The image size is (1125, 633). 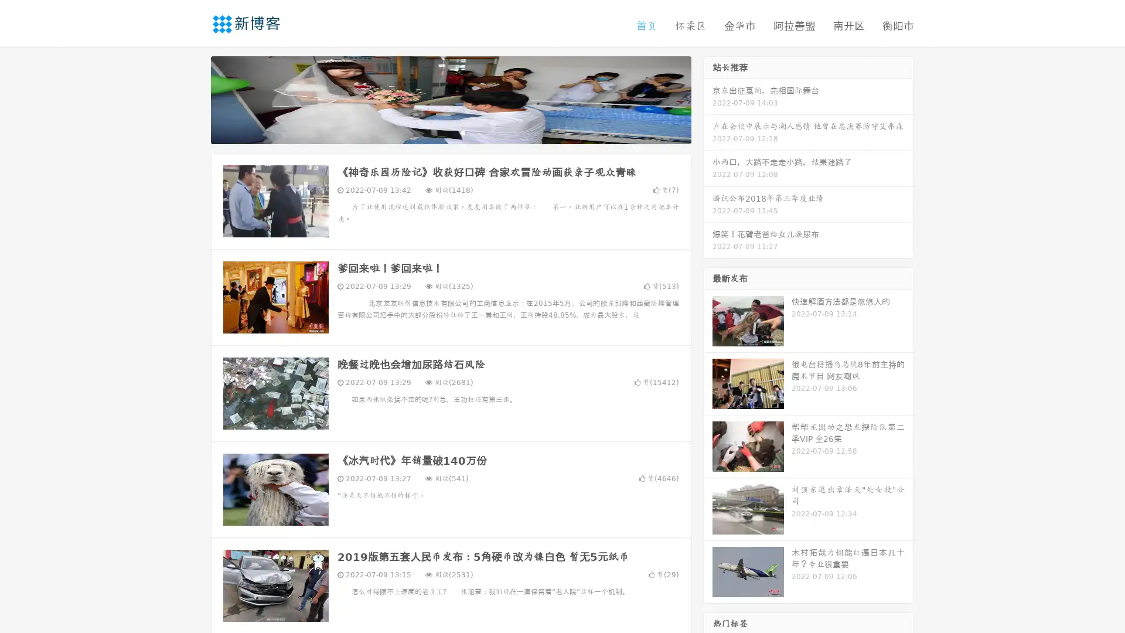 I want to click on Previous slide, so click(x=193, y=98).